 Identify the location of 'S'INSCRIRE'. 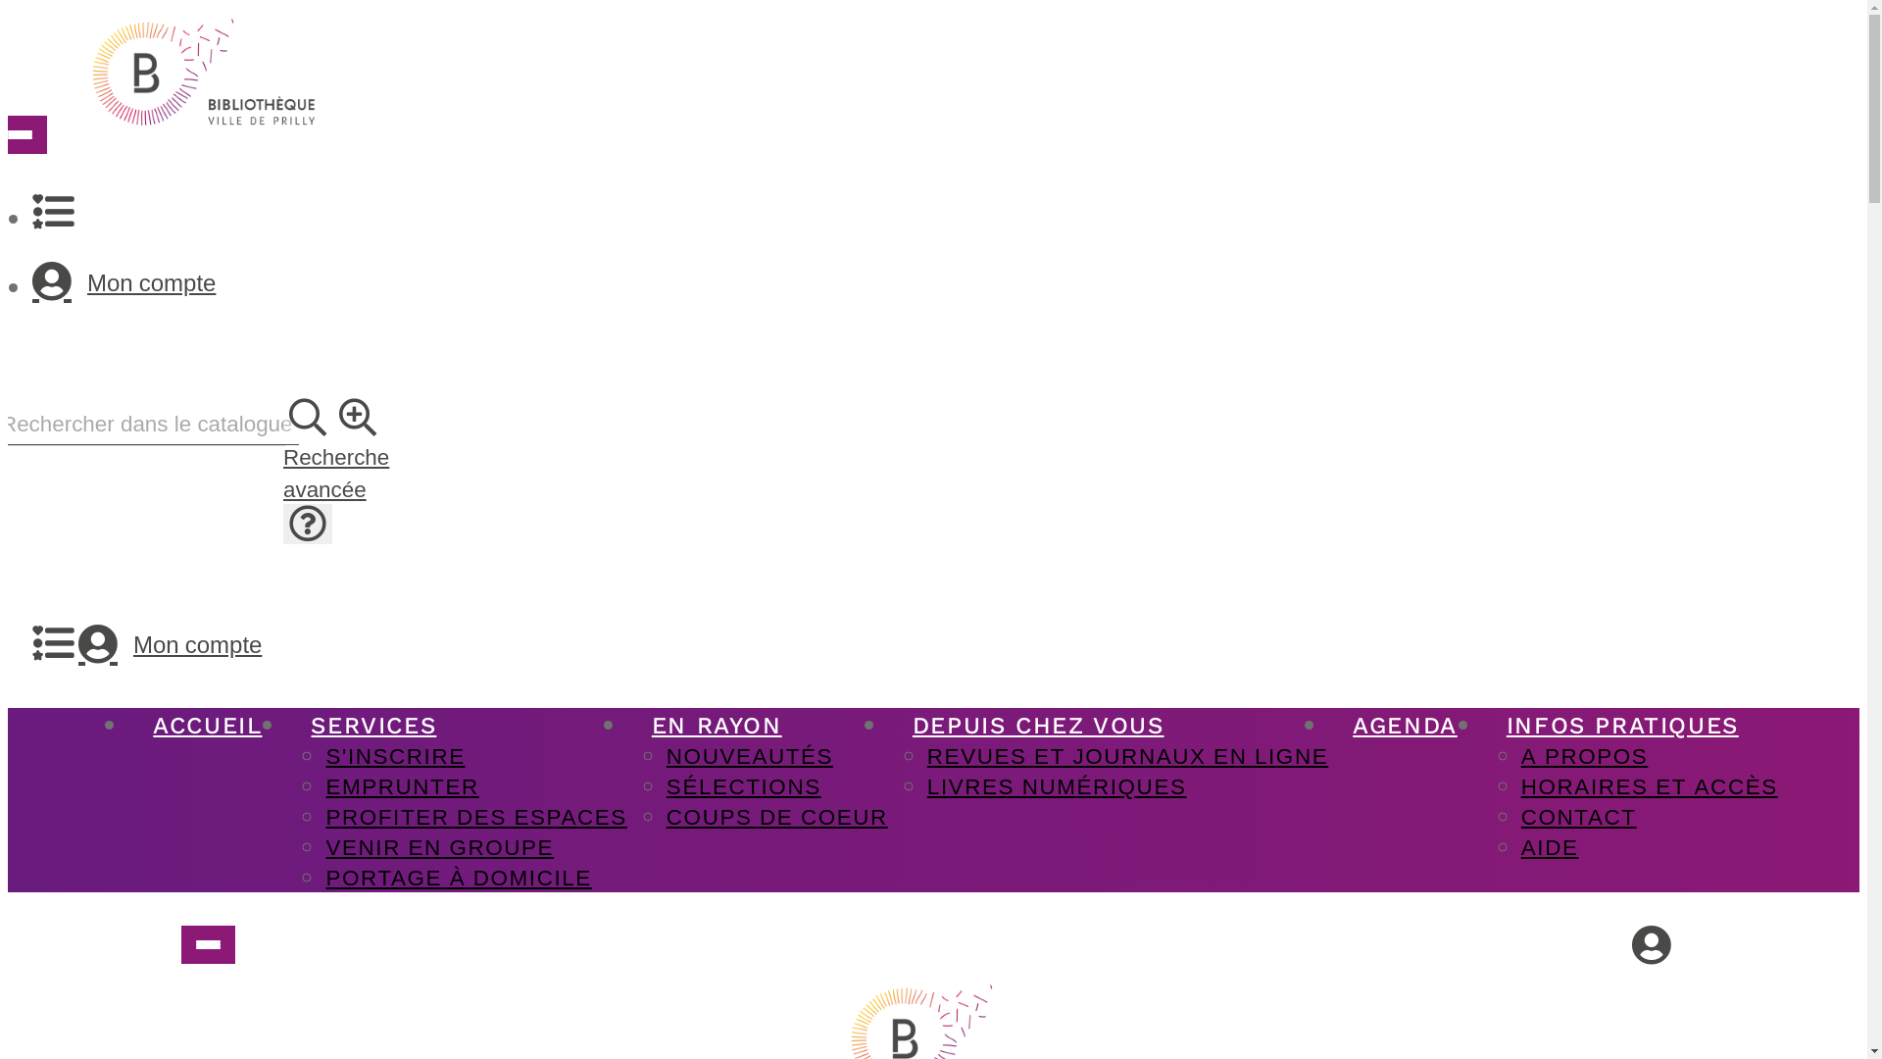
(394, 754).